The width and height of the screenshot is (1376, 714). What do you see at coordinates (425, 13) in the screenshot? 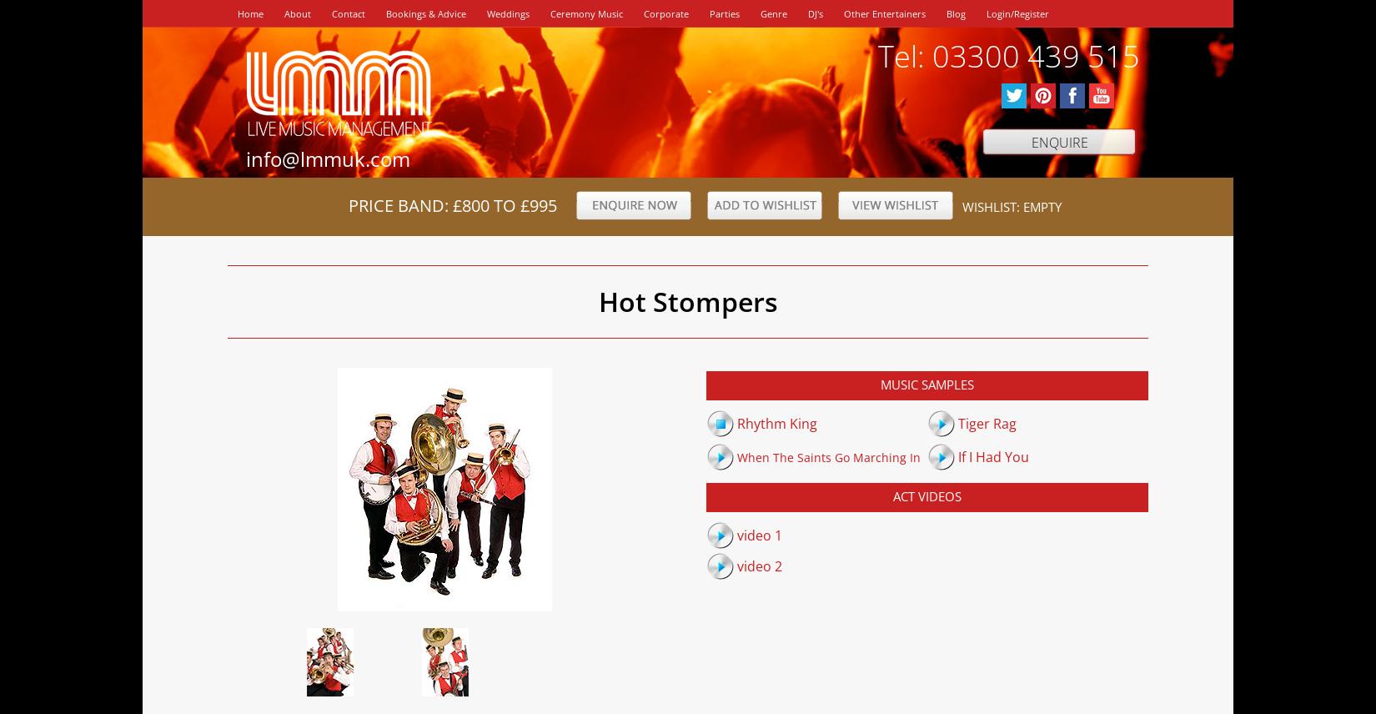
I see `'Bookings & Advice'` at bounding box center [425, 13].